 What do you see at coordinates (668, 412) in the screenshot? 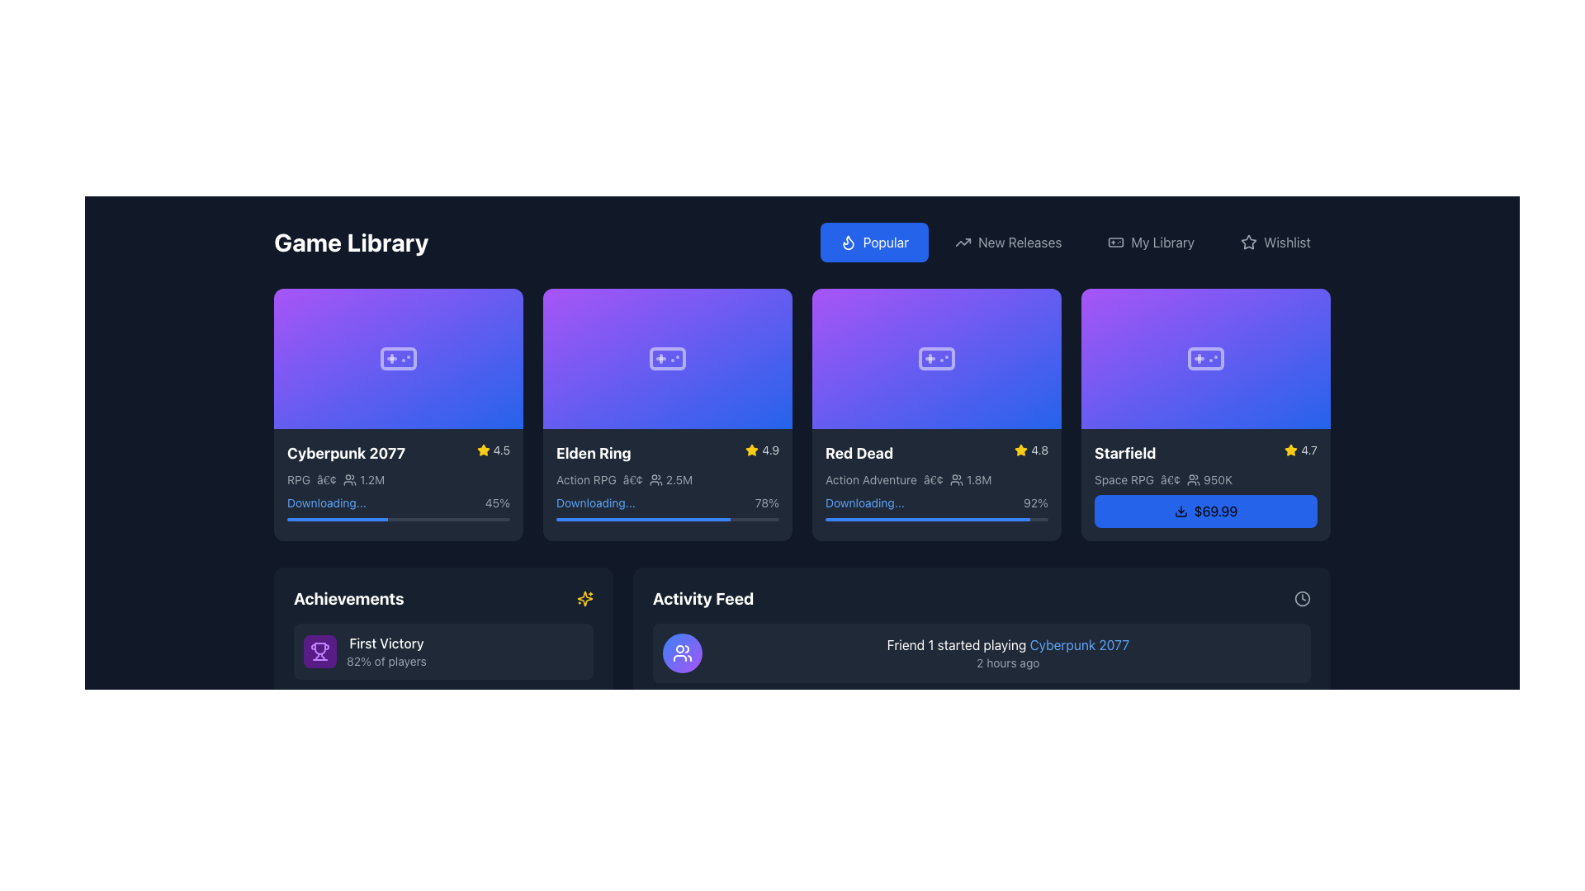
I see `the 'Elden Ring' game card, which displays its rating, genre, user base, and download status, located in the second column of the grid layout` at bounding box center [668, 412].